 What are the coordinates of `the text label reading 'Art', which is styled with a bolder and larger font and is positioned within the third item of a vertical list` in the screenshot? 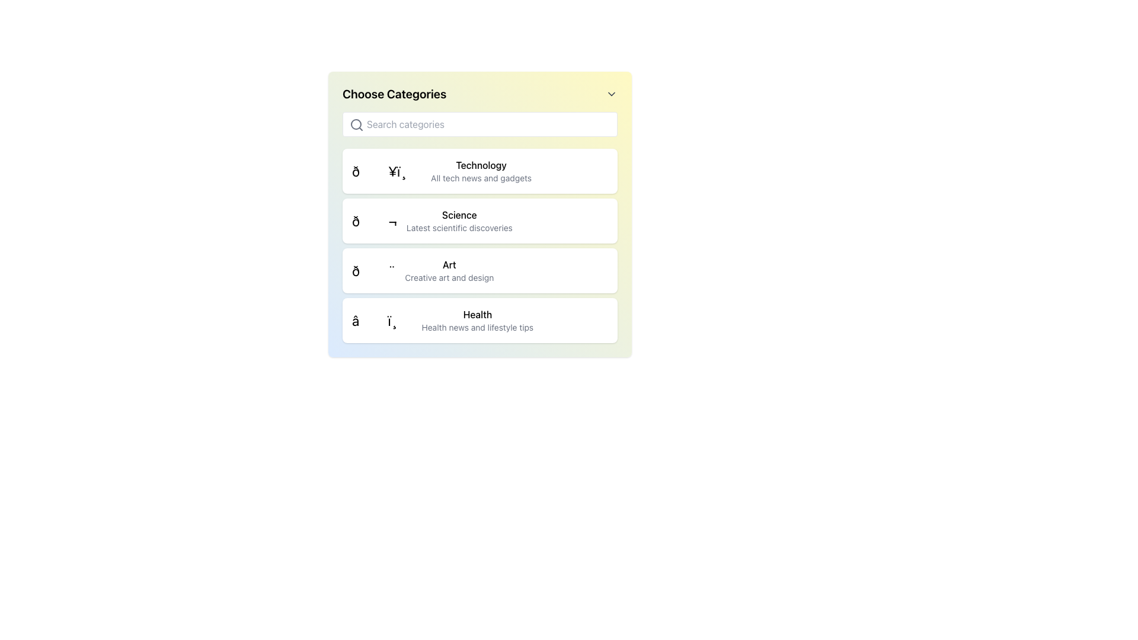 It's located at (449, 264).